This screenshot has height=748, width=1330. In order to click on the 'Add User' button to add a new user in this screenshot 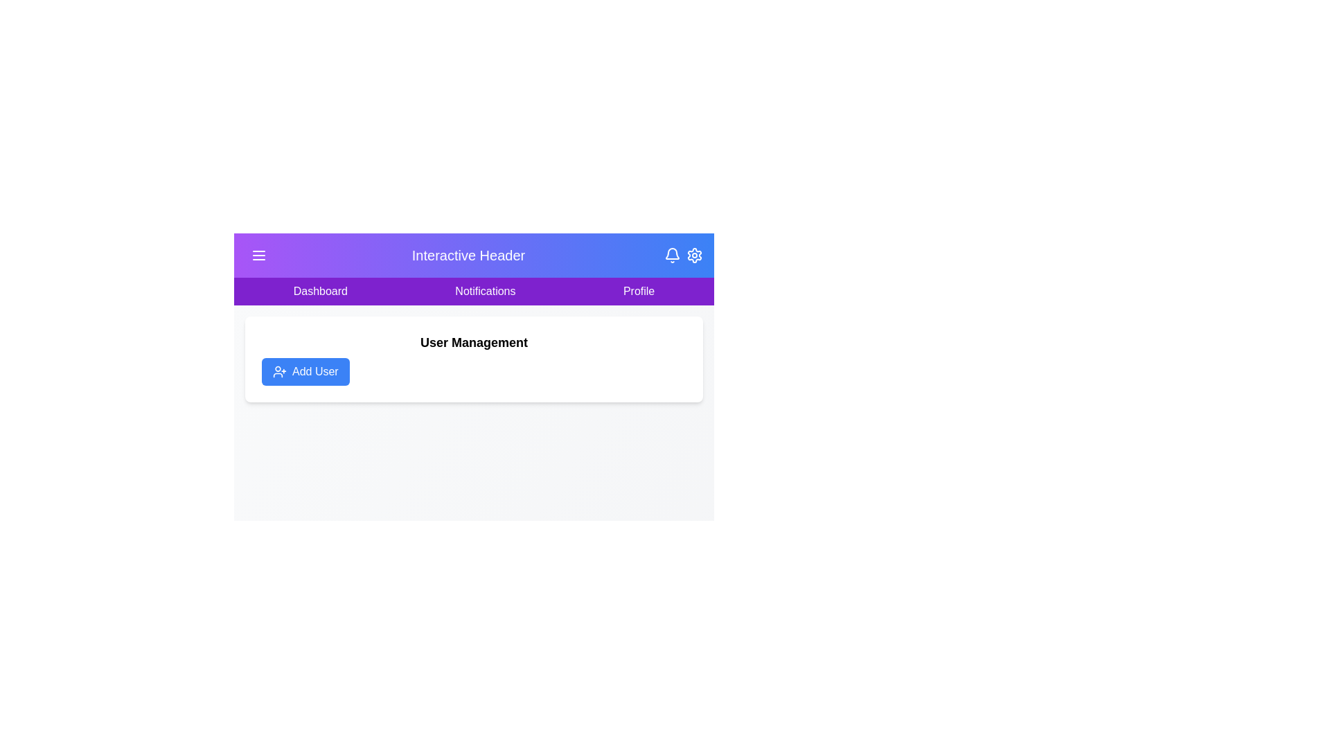, I will do `click(305, 371)`.